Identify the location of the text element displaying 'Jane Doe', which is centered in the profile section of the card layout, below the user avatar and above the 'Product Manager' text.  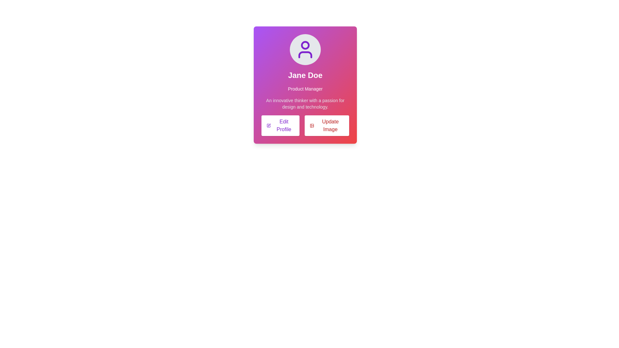
(305, 75).